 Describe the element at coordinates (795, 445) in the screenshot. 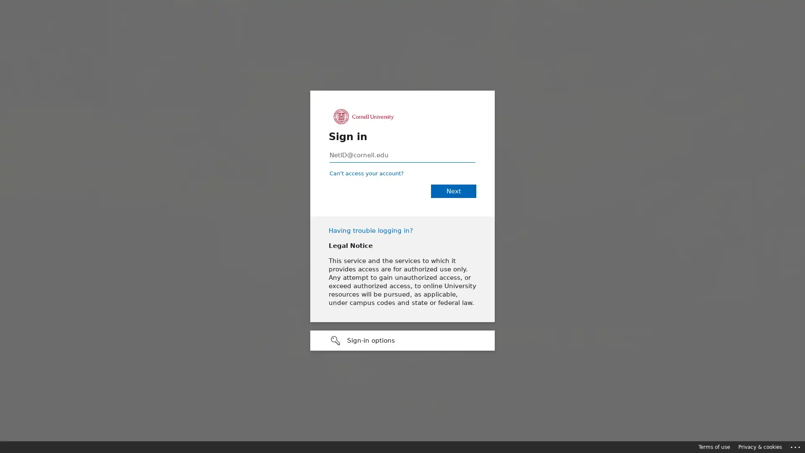

I see `Click here for troubleshooting information` at that location.